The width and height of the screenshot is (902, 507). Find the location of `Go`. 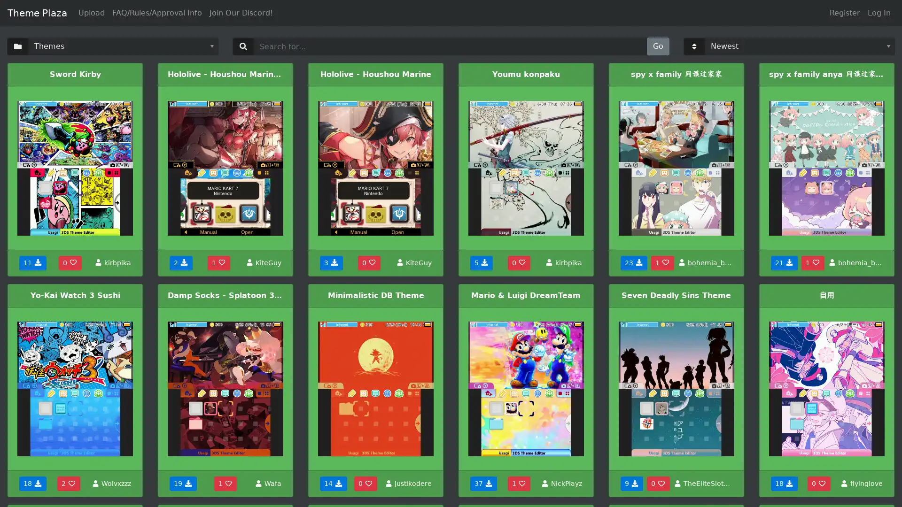

Go is located at coordinates (658, 46).